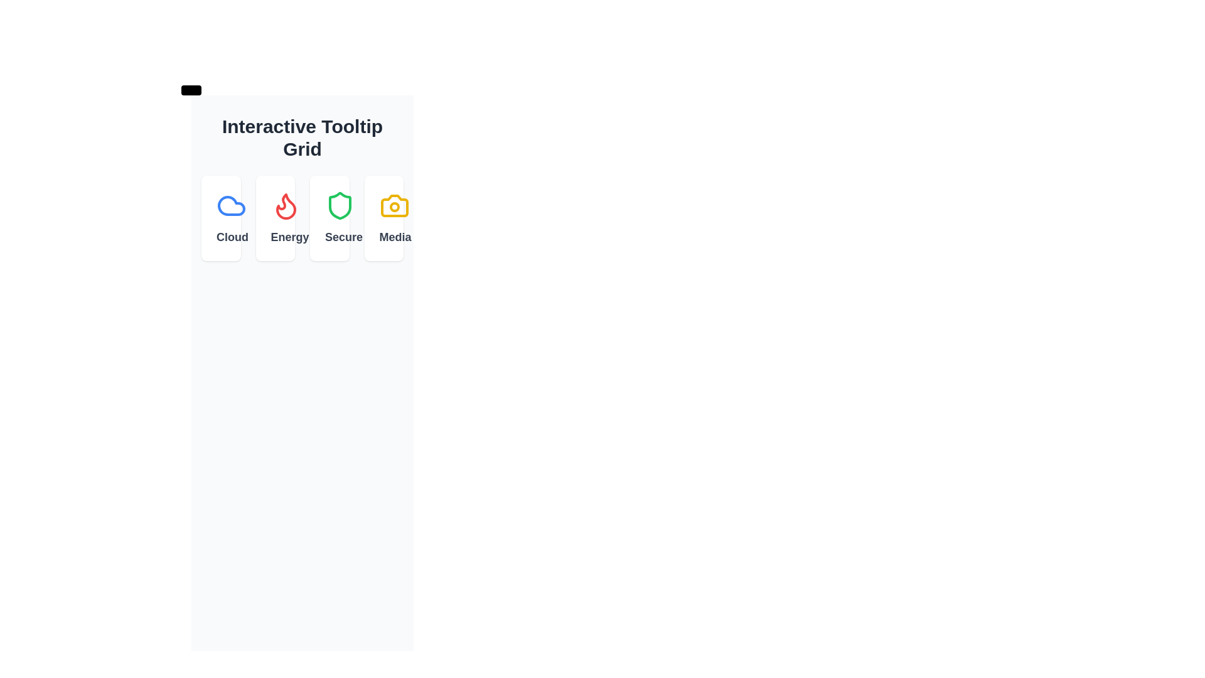 This screenshot has height=678, width=1205. Describe the element at coordinates (232, 205) in the screenshot. I see `the 'Cloud' icon, which is the first icon in the first row of the grid, positioned to the left of the 'Energy' icon and above the label 'Cloud.'` at that location.